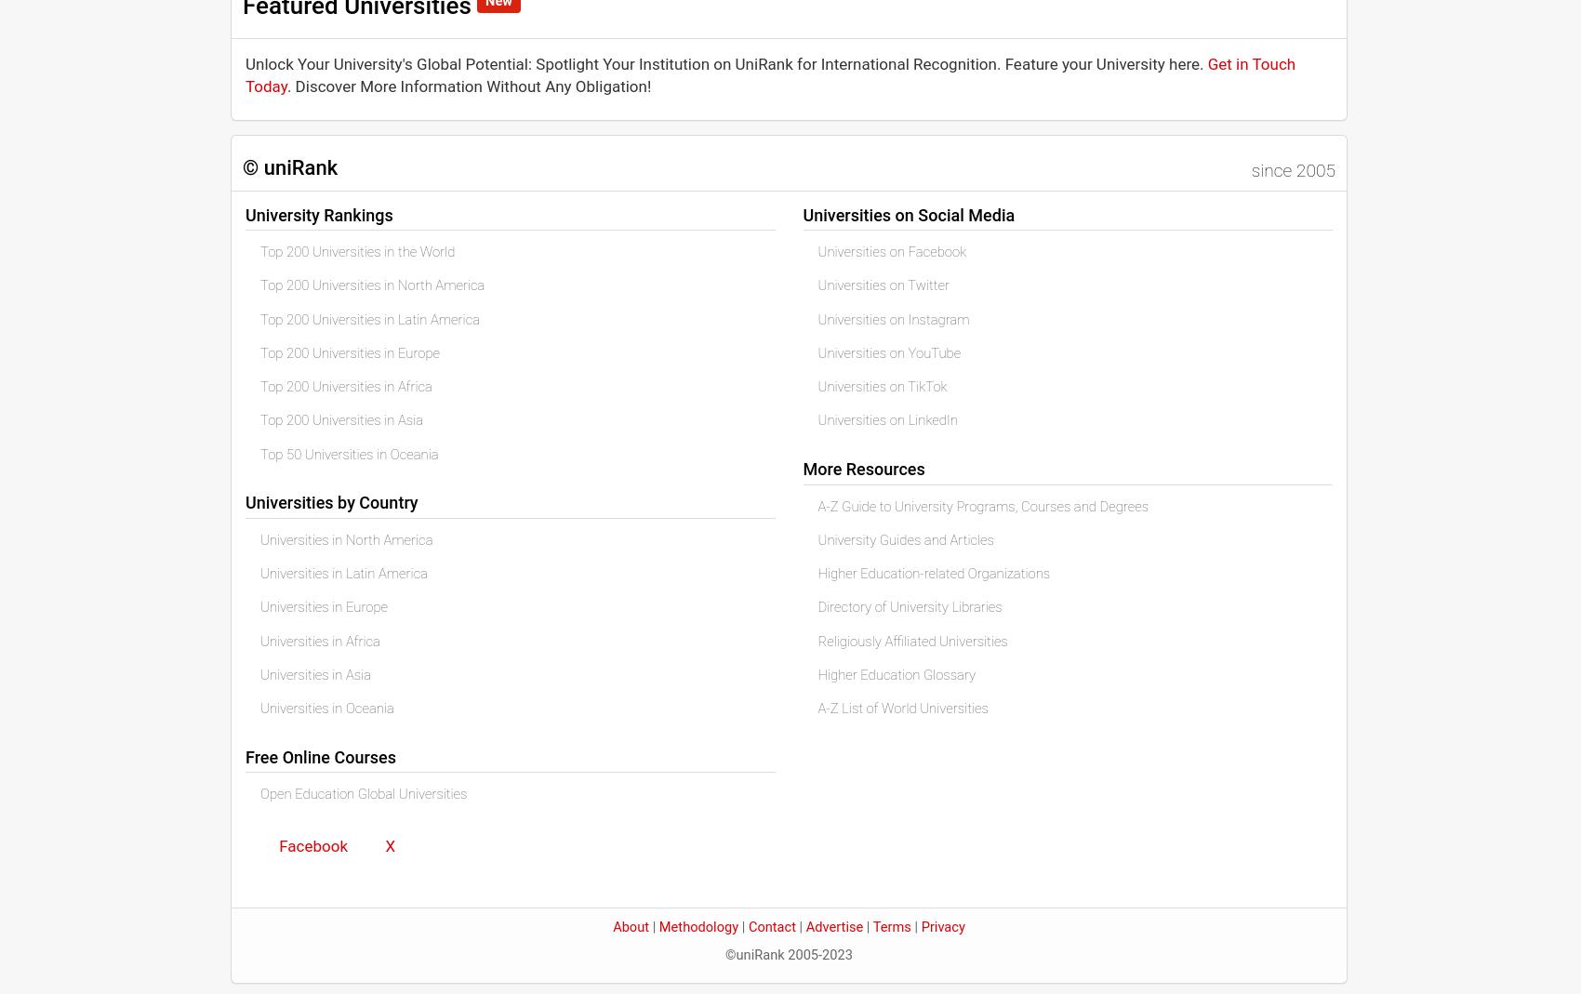 The height and width of the screenshot is (994, 1581). Describe the element at coordinates (883, 285) in the screenshot. I see `'Universities on Twitter'` at that location.